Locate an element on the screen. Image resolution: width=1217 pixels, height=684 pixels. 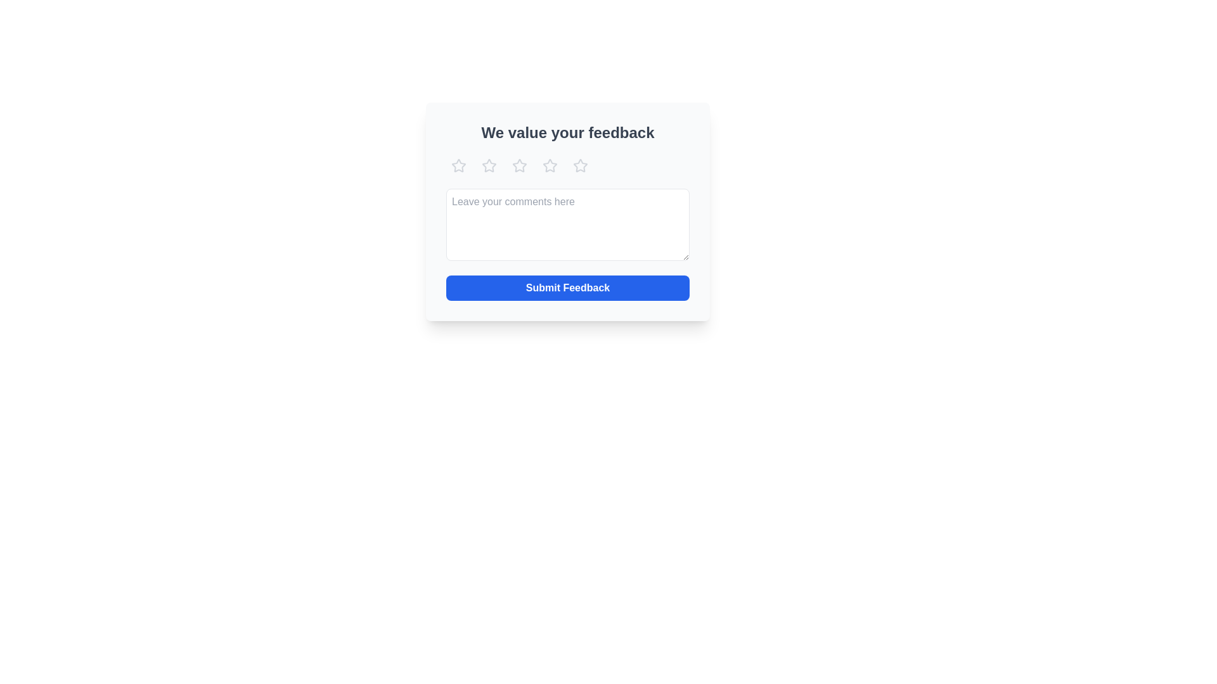
the submission button located at the bottom of the feedback form labeled 'We value your feedback' to provide visual feedback is located at coordinates (567, 288).